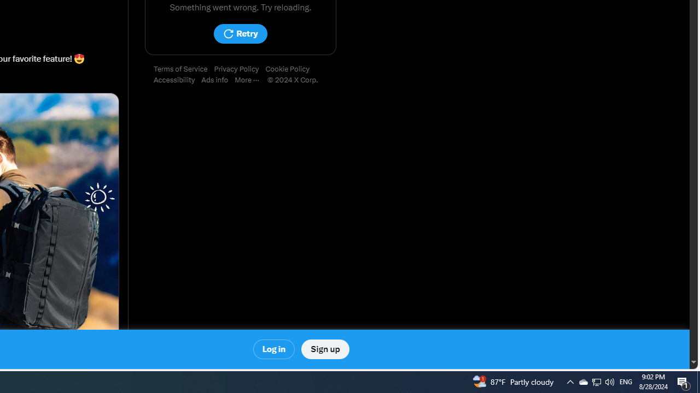  What do you see at coordinates (324, 349) in the screenshot?
I see `'Sign up'` at bounding box center [324, 349].